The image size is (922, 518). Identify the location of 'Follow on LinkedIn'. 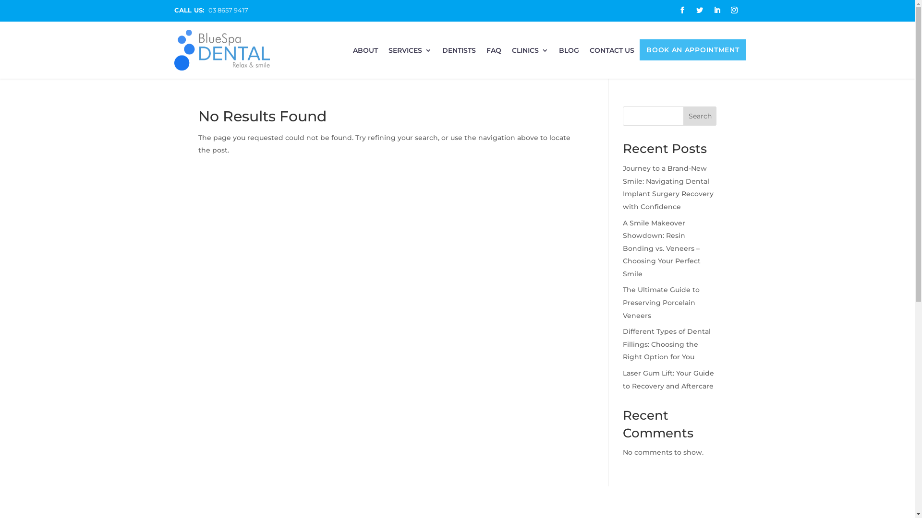
(716, 10).